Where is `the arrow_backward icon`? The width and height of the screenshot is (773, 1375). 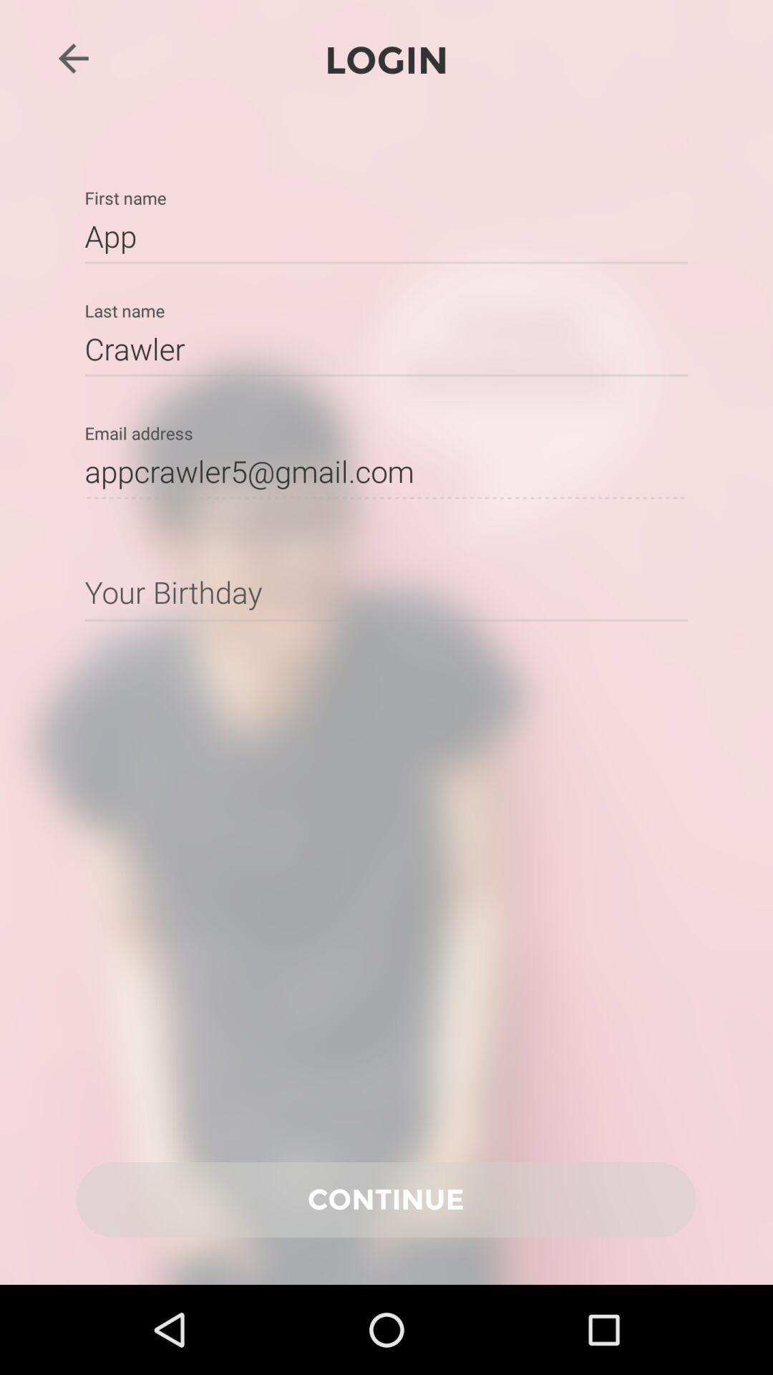
the arrow_backward icon is located at coordinates (73, 57).